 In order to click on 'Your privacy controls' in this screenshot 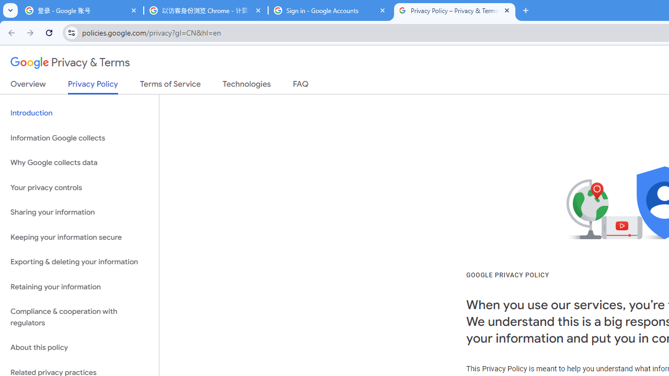, I will do `click(79, 187)`.